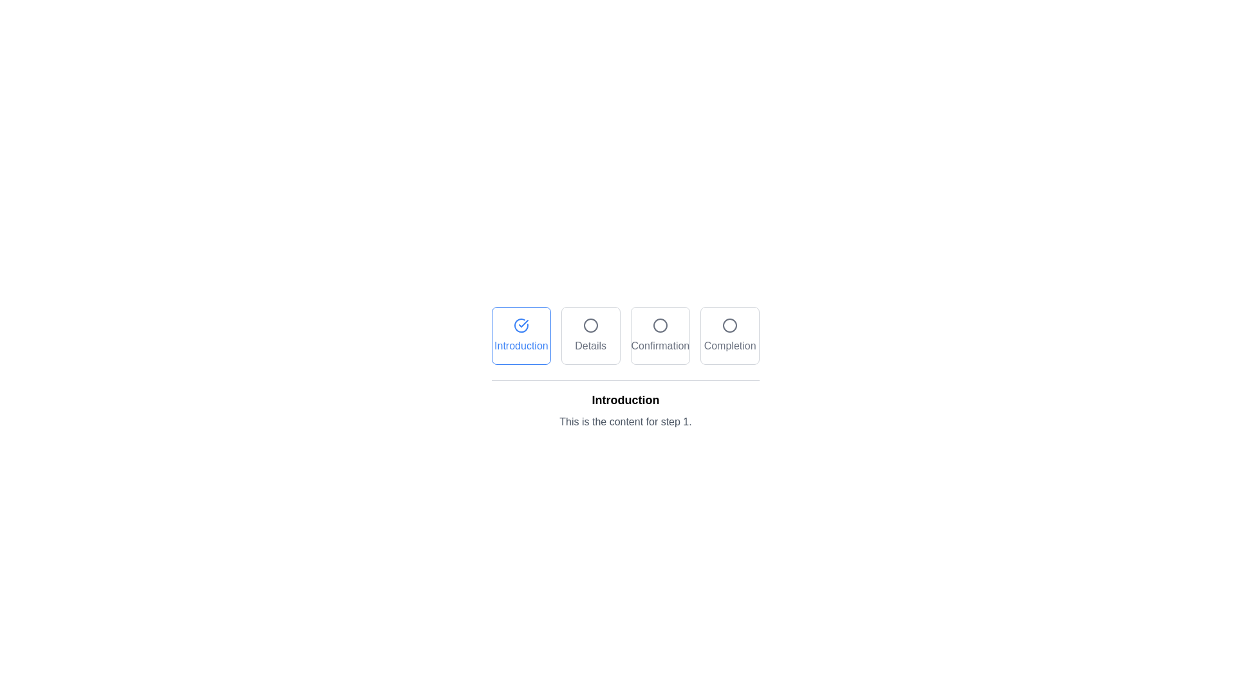  What do you see at coordinates (521, 335) in the screenshot?
I see `the 'Introduction' button` at bounding box center [521, 335].